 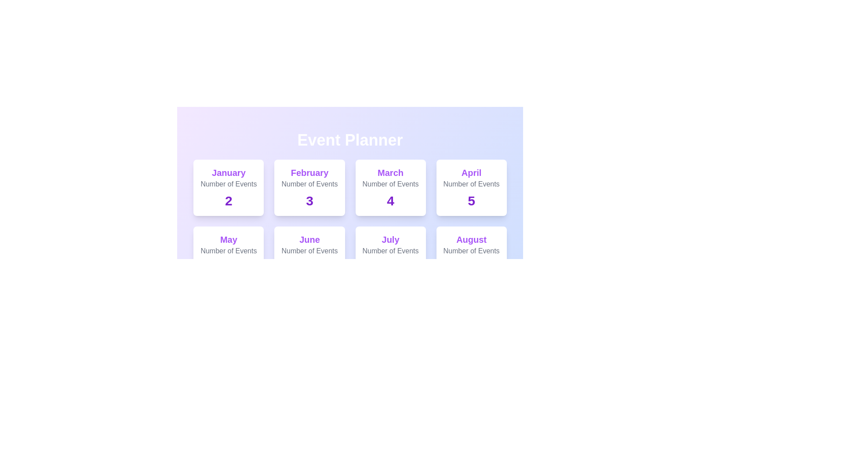 I want to click on the card representing July to view its details, so click(x=390, y=254).